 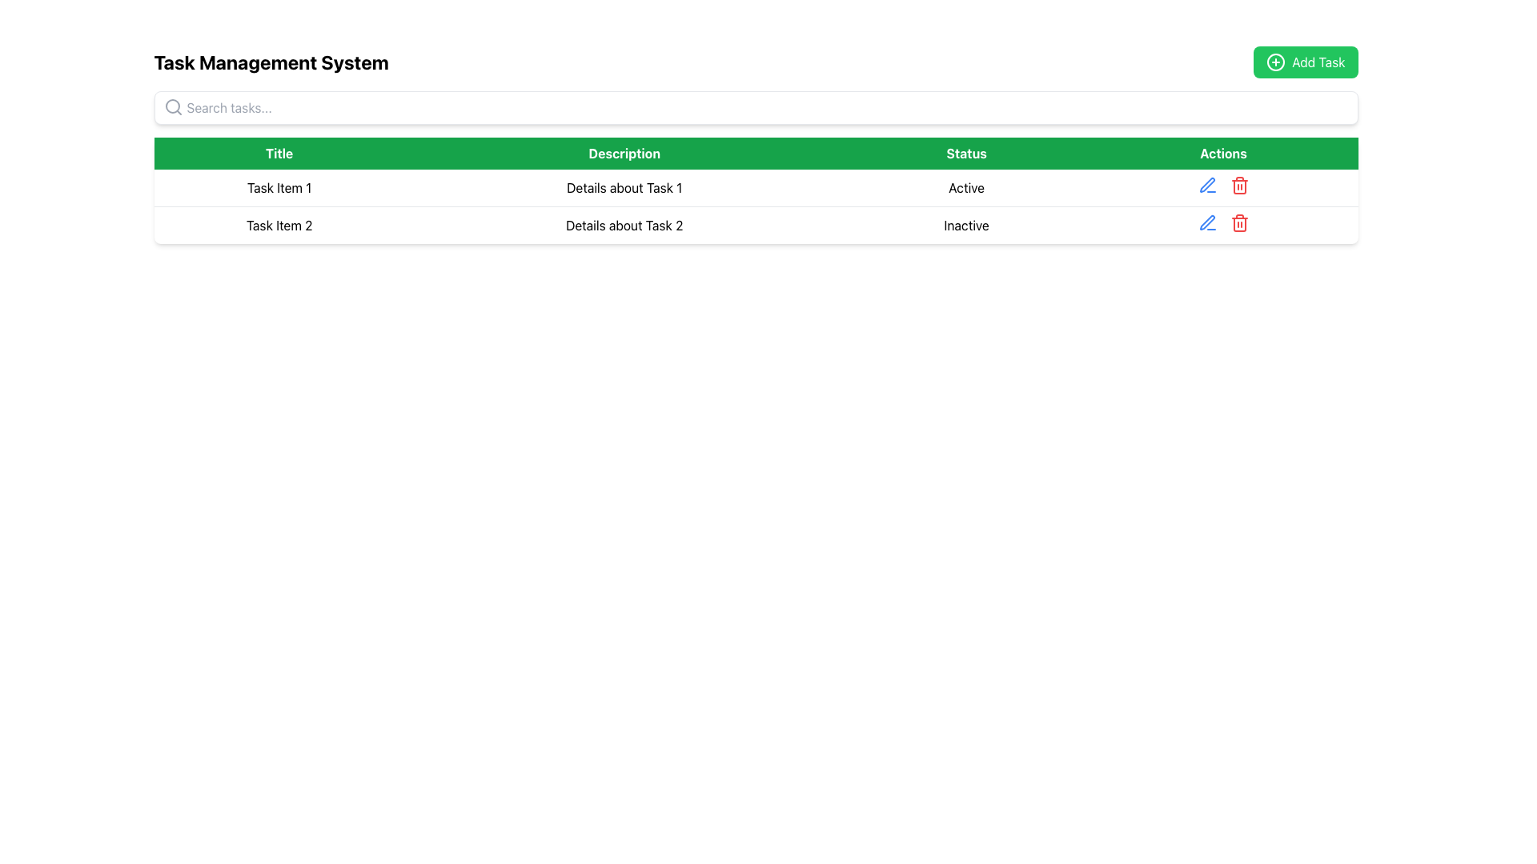 I want to click on the search lens icon, which is styled with a circular outline and a handle, located at the top-left corner of the search bar, so click(x=173, y=107).